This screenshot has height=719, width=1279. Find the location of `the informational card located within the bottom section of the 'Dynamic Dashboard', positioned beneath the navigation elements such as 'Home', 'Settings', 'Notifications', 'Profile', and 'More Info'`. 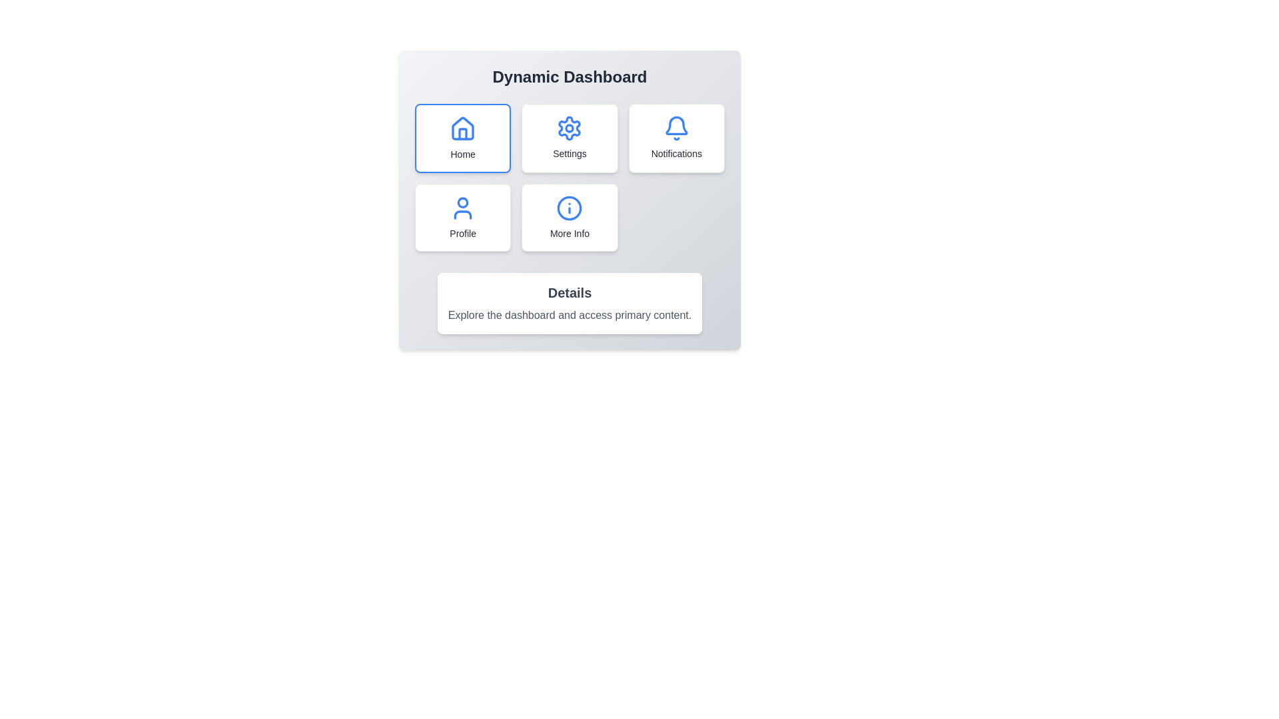

the informational card located within the bottom section of the 'Dynamic Dashboard', positioned beneath the navigation elements such as 'Home', 'Settings', 'Notifications', 'Profile', and 'More Info' is located at coordinates (570, 303).